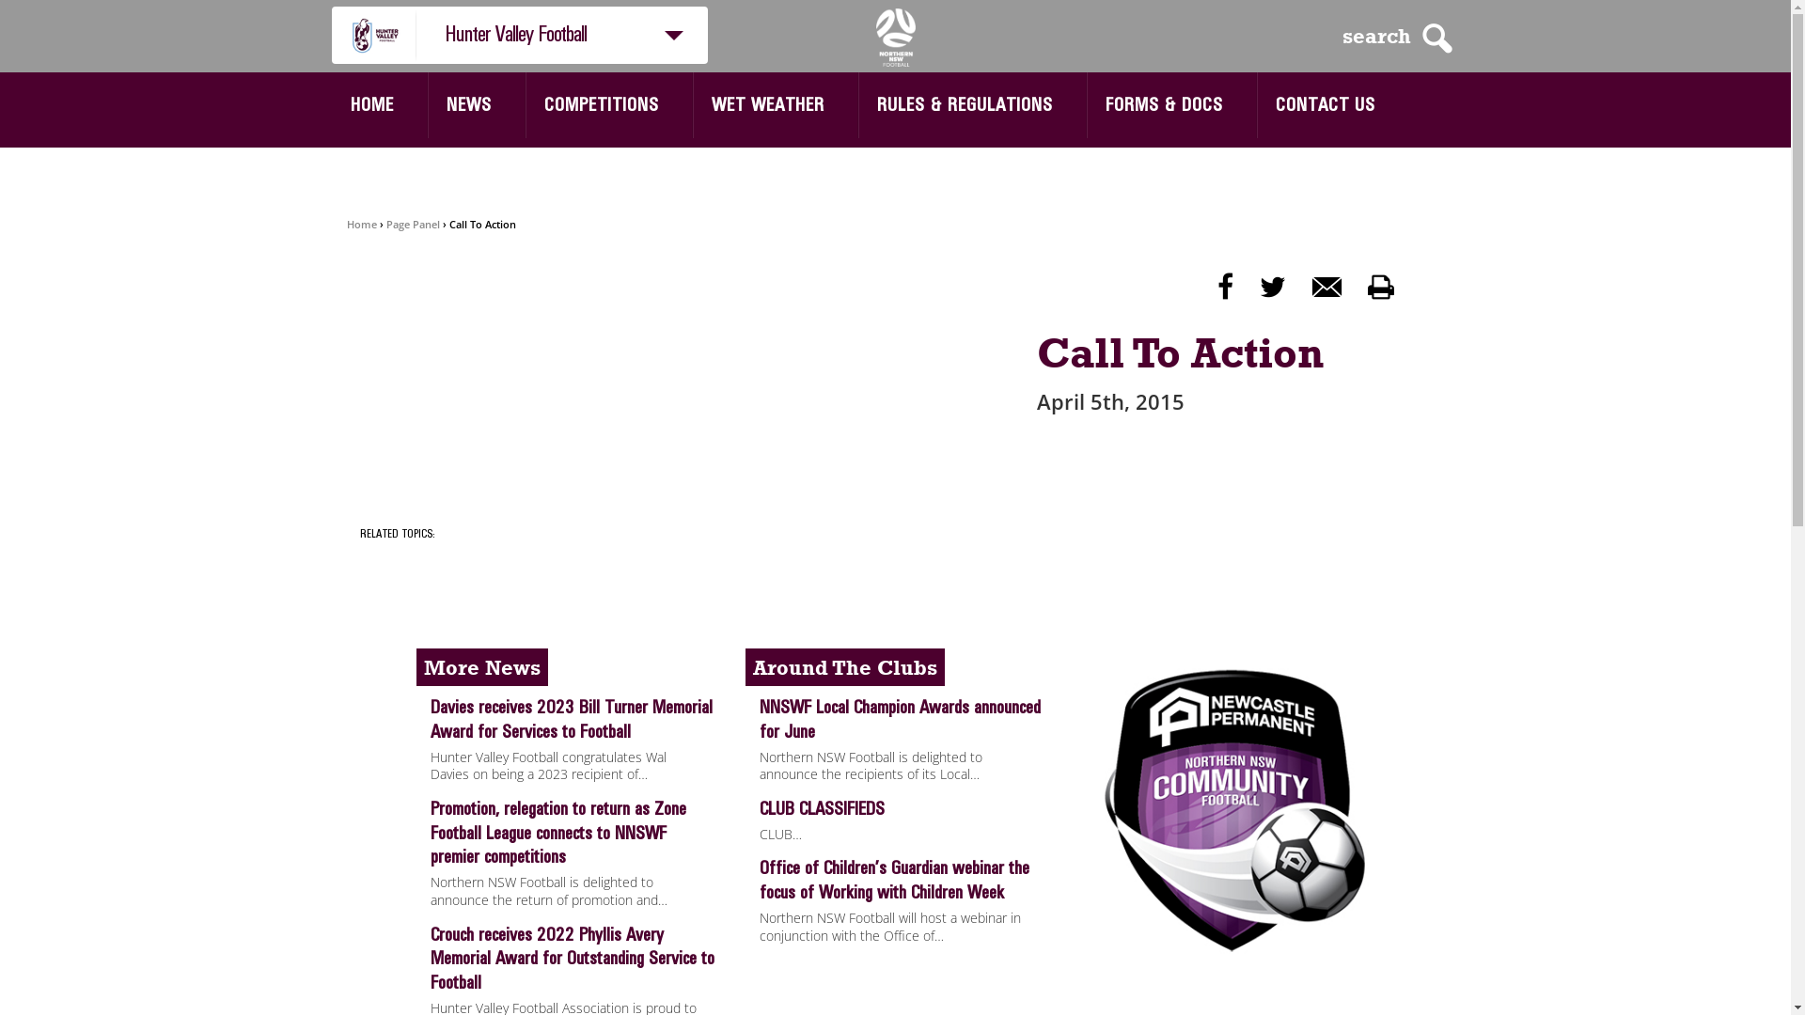  What do you see at coordinates (895, 37) in the screenshot?
I see `'NNSWF'` at bounding box center [895, 37].